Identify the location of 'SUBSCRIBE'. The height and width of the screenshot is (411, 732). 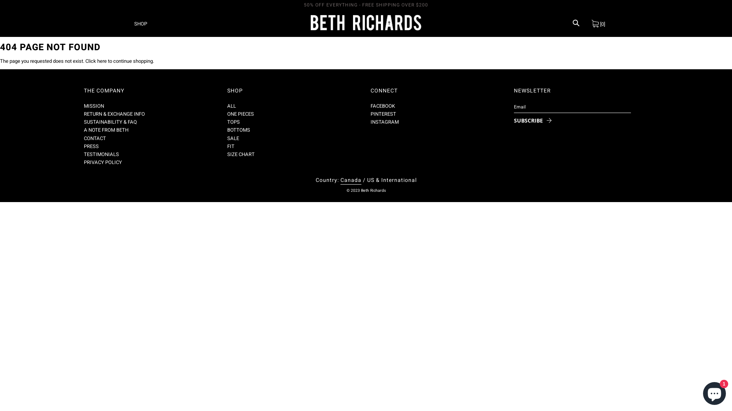
(530, 120).